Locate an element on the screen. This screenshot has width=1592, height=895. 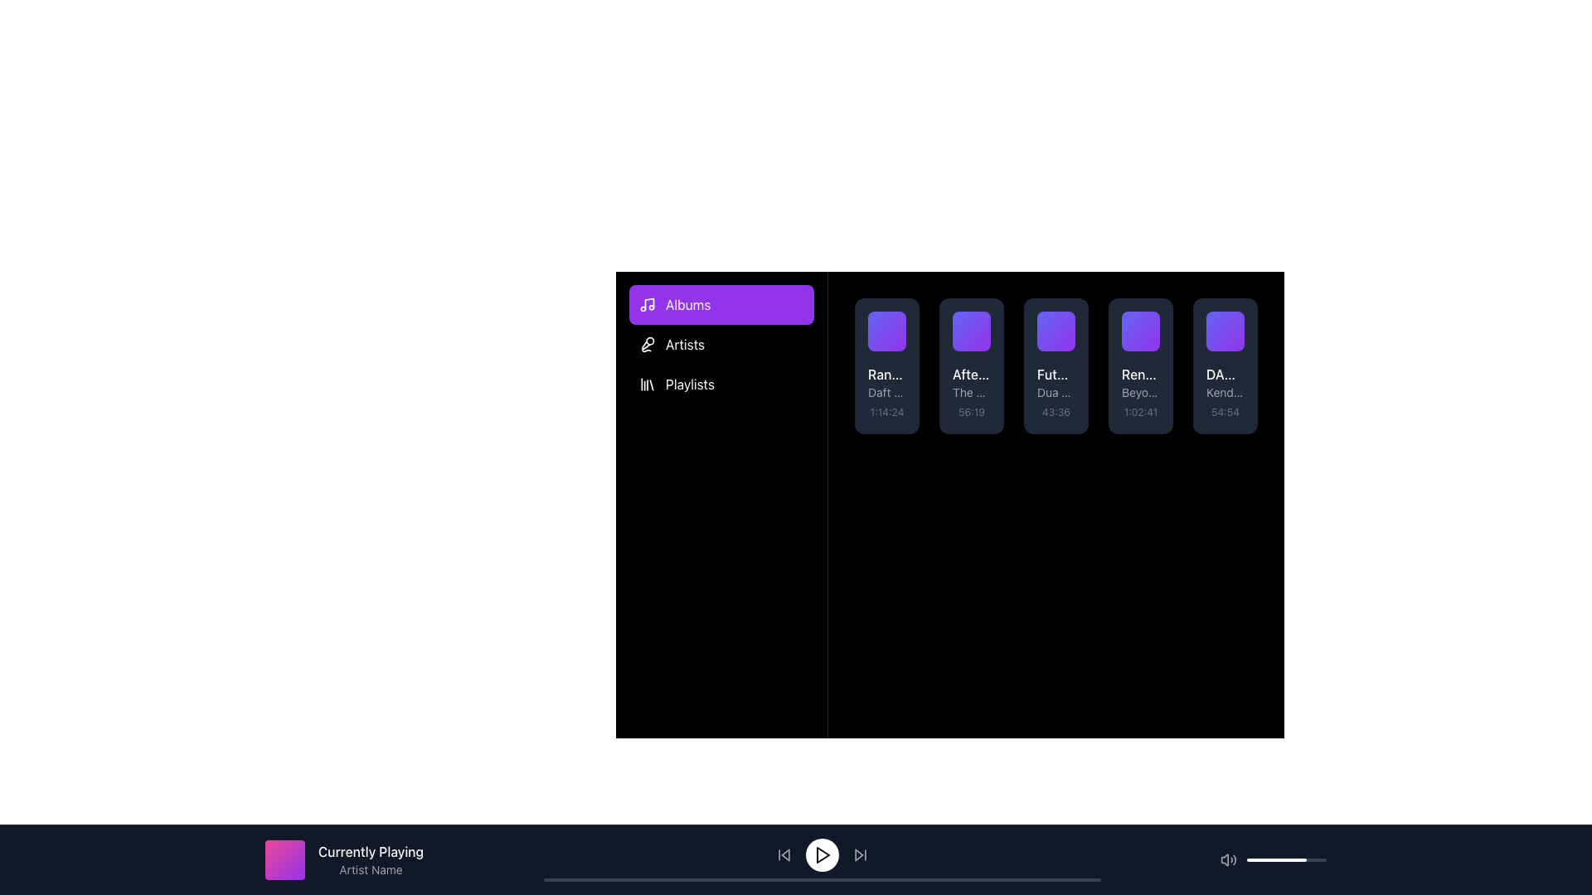
the 'Artists' text label in the navigation menu, which is located below 'Albums' and above 'Playlists' is located at coordinates (685, 344).